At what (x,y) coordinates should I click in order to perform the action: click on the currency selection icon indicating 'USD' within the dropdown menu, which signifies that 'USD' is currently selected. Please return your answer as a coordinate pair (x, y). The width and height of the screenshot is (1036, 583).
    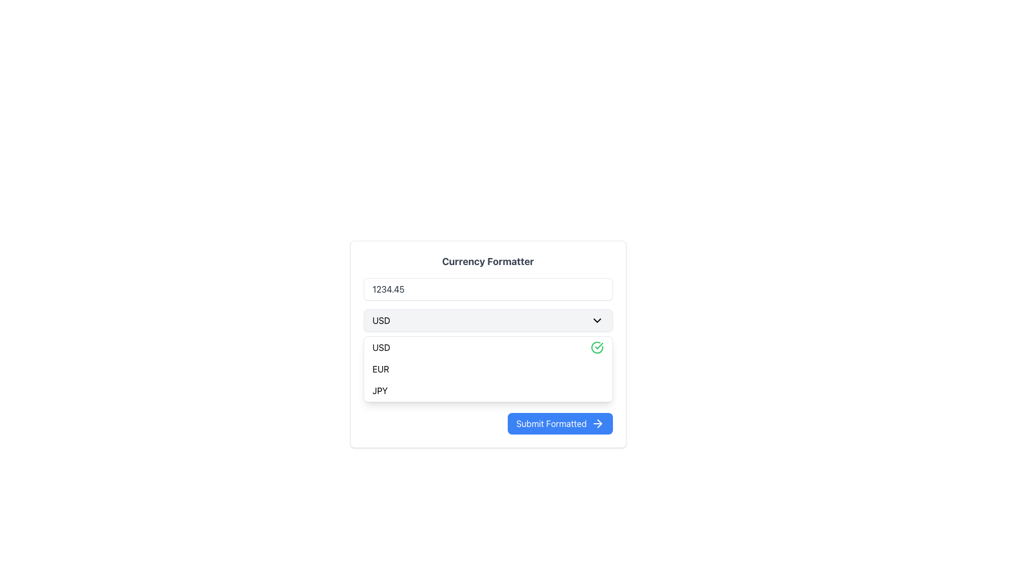
    Looking at the image, I should click on (596, 348).